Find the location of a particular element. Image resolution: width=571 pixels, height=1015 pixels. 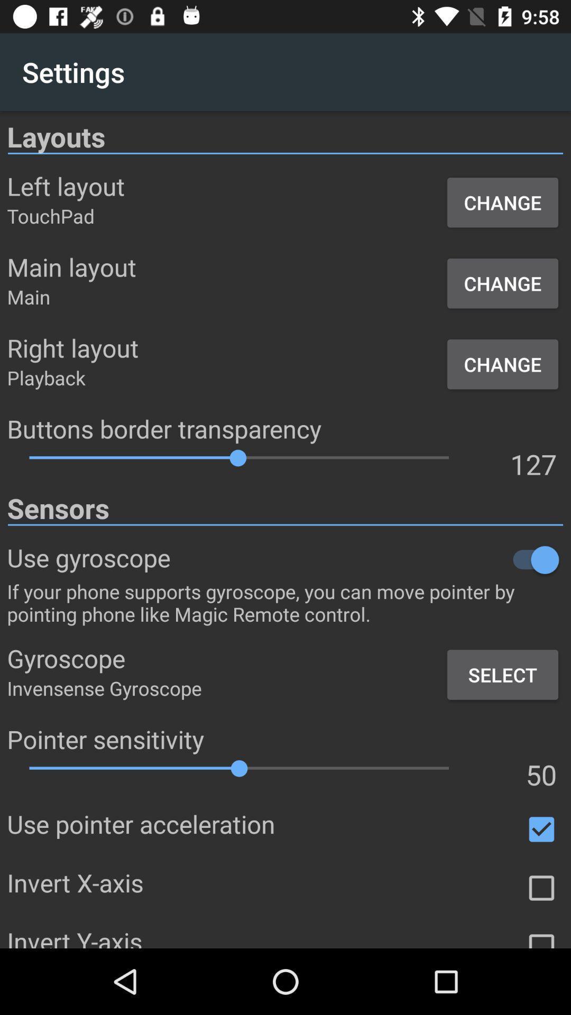

turn off gyroscope is located at coordinates (366, 559).